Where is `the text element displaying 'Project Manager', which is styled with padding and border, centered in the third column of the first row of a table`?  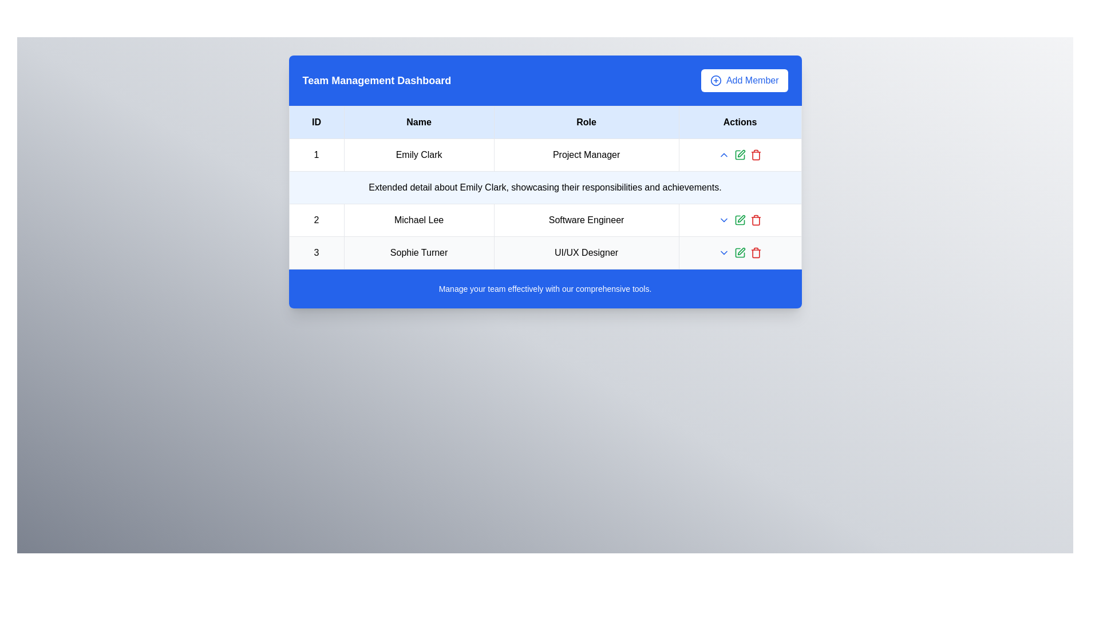 the text element displaying 'Project Manager', which is styled with padding and border, centered in the third column of the first row of a table is located at coordinates (586, 154).